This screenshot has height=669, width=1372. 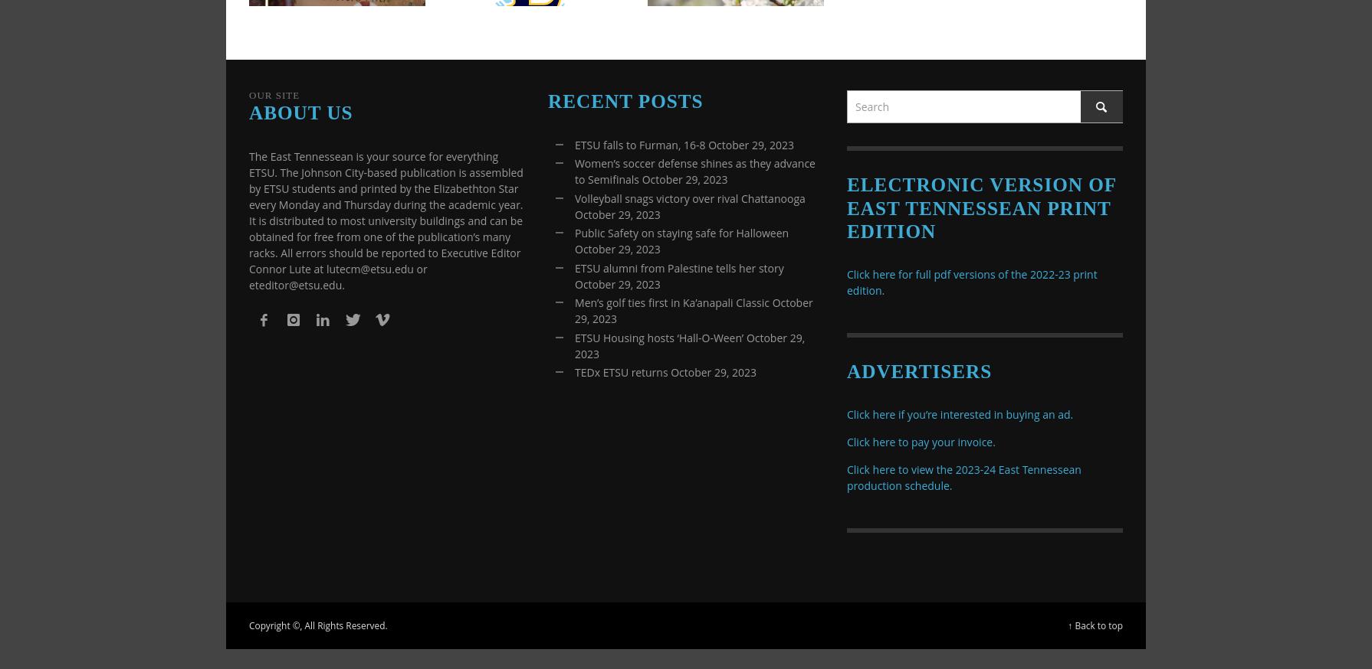 I want to click on 'Public Safety on staying safe for Halloween', so click(x=681, y=232).